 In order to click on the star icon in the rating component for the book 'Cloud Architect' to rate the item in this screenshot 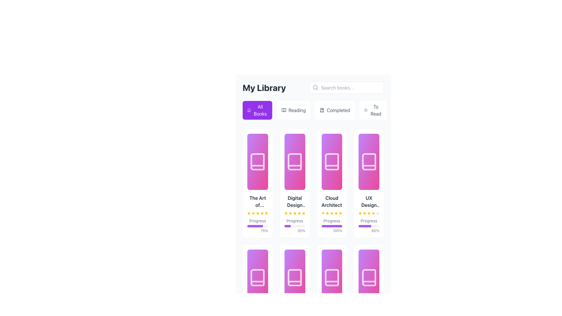, I will do `click(336, 213)`.